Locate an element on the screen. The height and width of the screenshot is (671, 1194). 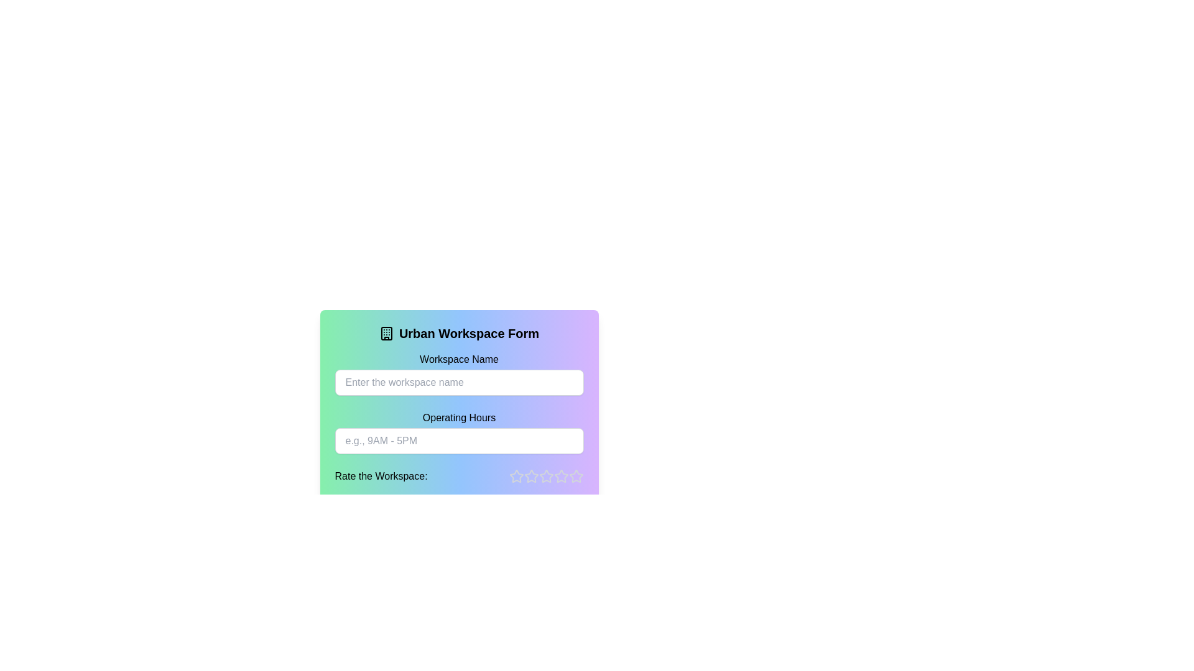
the text input field for 'Workspace Name' to focus the input area, which is styled with rounded corners and a light background color, located beneath the respective label is located at coordinates (458, 382).